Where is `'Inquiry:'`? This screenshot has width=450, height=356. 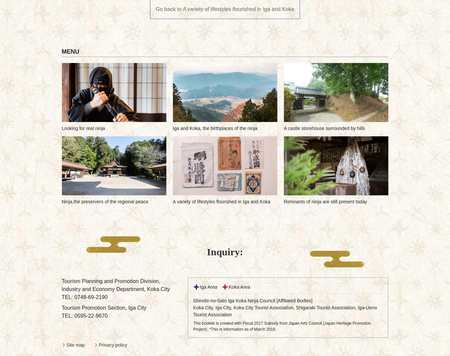 'Inquiry:' is located at coordinates (225, 252).